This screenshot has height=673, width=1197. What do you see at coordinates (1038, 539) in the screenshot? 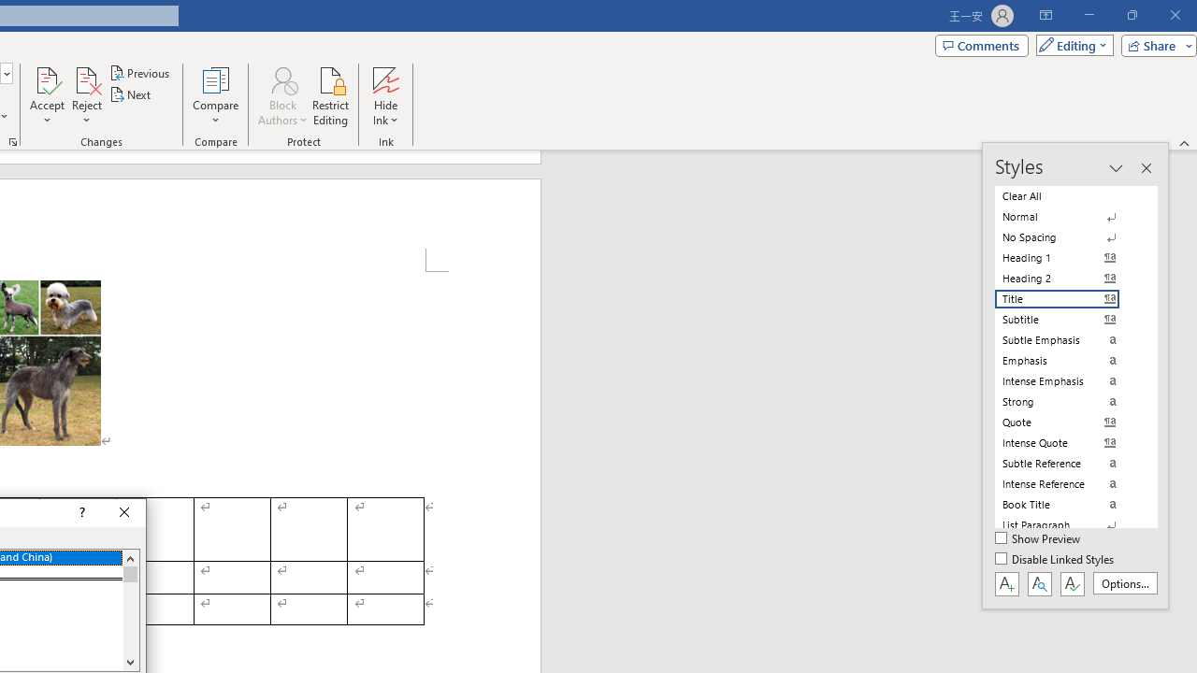
I see `'Show Preview'` at bounding box center [1038, 539].